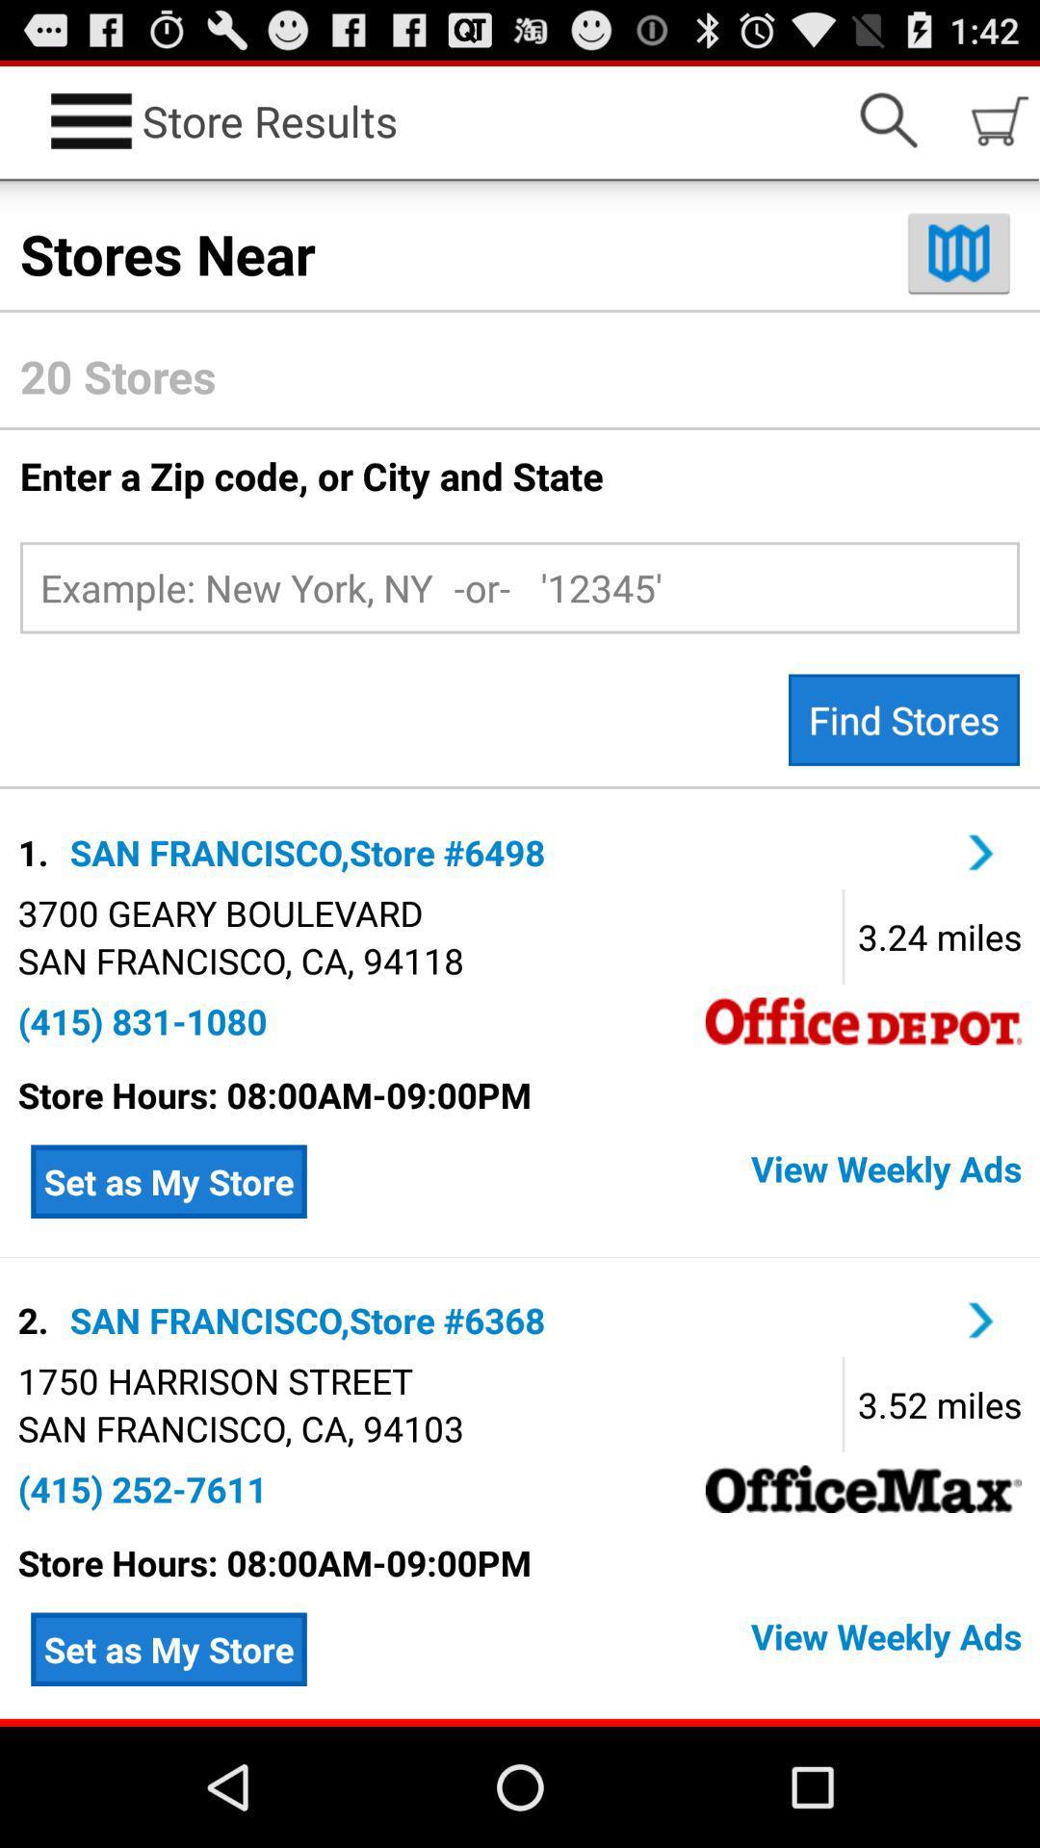 The height and width of the screenshot is (1848, 1040). What do you see at coordinates (958, 252) in the screenshot?
I see `open a map` at bounding box center [958, 252].